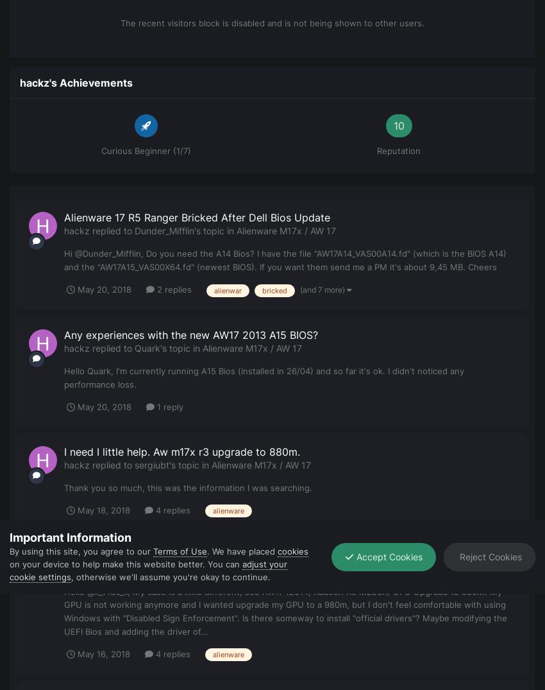 Image resolution: width=545 pixels, height=690 pixels. I want to click on '10', so click(398, 125).